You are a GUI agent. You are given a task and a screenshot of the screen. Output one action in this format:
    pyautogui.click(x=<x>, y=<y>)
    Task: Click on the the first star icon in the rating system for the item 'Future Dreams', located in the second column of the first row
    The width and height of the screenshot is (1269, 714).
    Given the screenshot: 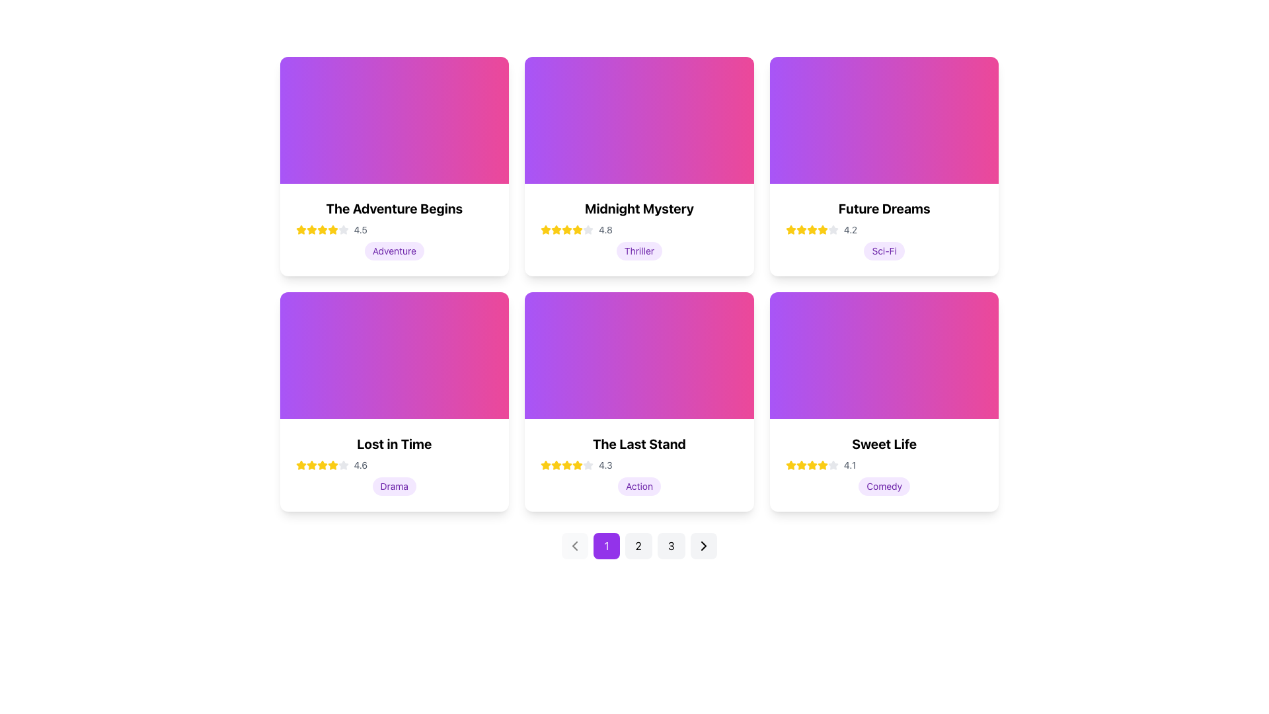 What is the action you would take?
    pyautogui.click(x=790, y=229)
    